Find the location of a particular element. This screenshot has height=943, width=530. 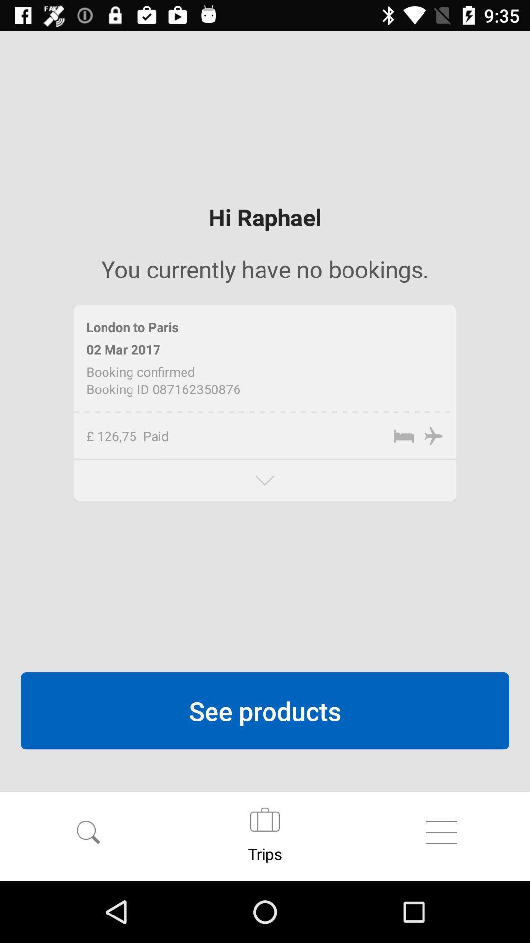

see products button is located at coordinates (265, 711).